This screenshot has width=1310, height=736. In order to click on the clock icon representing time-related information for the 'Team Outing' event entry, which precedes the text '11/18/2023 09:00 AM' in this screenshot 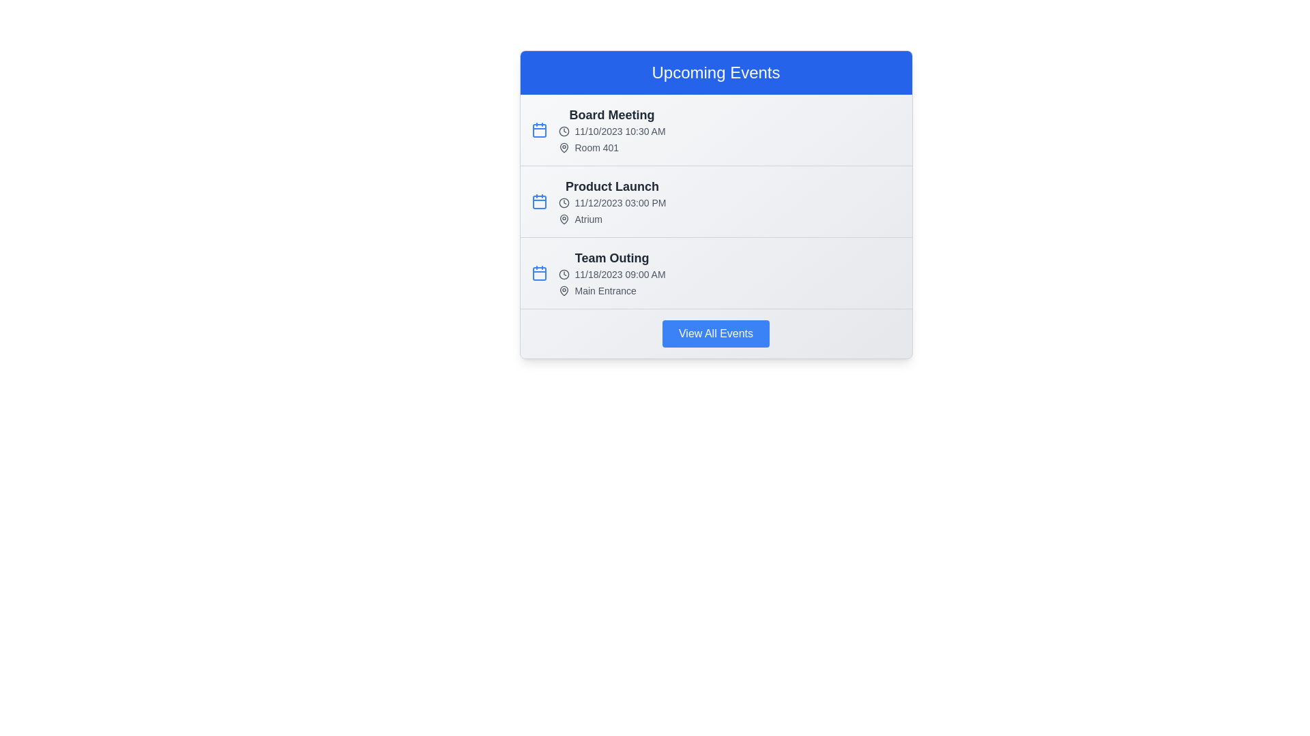, I will do `click(564, 274)`.